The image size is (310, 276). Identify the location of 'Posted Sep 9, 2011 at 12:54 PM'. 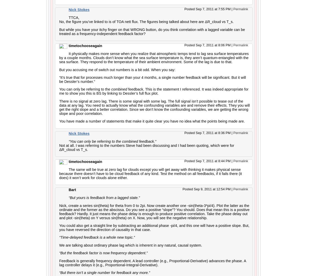
(207, 189).